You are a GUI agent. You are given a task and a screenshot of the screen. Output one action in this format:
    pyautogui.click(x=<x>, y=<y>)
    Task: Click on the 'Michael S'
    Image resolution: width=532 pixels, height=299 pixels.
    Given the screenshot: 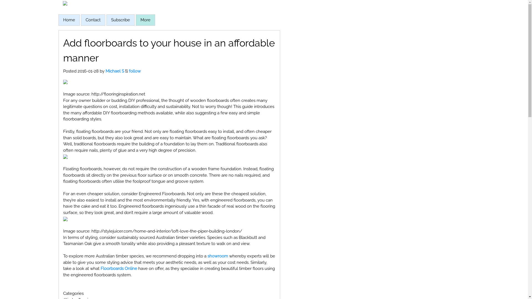 What is the action you would take?
    pyautogui.click(x=114, y=71)
    